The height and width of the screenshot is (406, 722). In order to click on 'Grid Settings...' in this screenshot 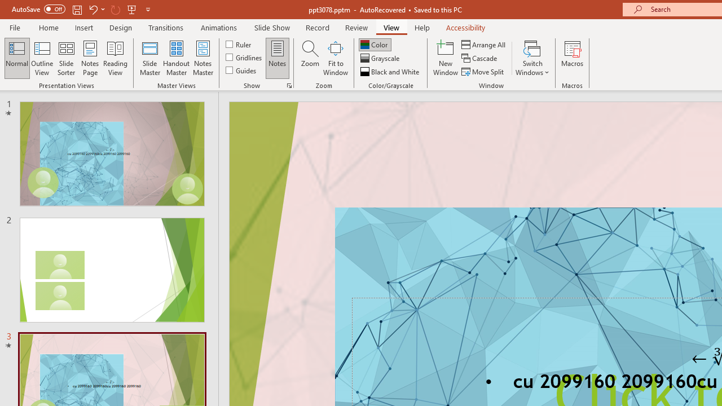, I will do `click(289, 85)`.